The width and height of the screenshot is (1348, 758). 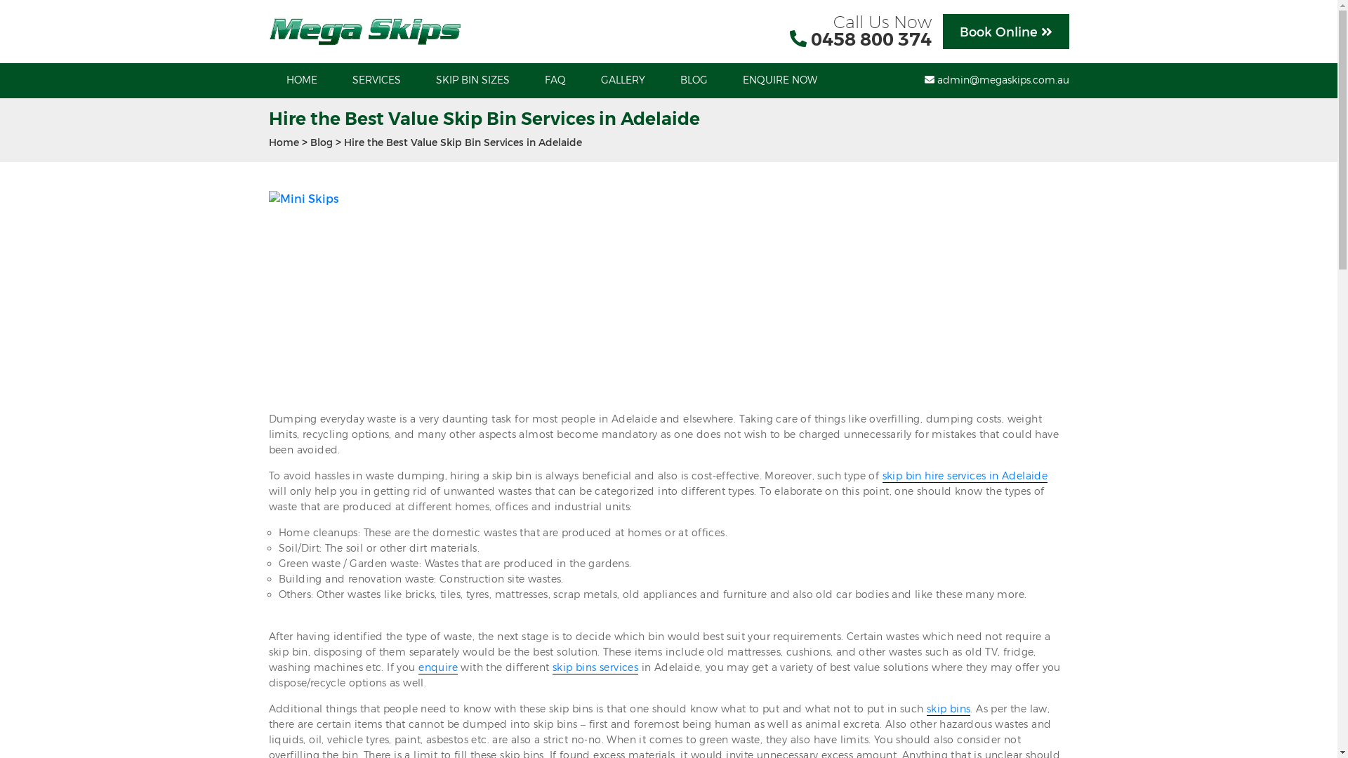 What do you see at coordinates (949, 709) in the screenshot?
I see `'skip bins'` at bounding box center [949, 709].